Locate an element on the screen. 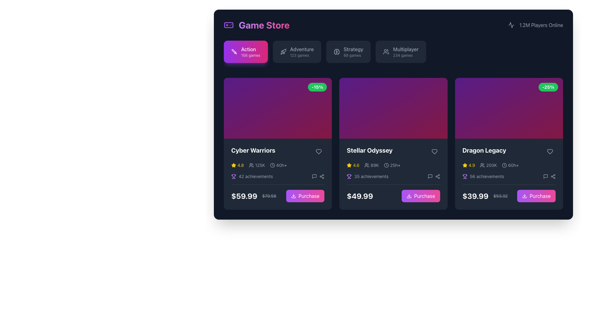 This screenshot has height=335, width=596. the Decorative component of the game controller icon located in the upper left corner of the interface, which is positioned to the left of the 'Game Store' header text is located at coordinates (228, 25).